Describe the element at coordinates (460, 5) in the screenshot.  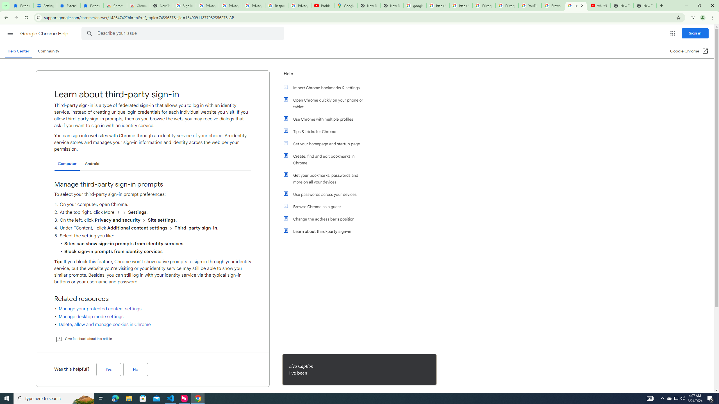
I see `'https://scholar.google.com/'` at that location.